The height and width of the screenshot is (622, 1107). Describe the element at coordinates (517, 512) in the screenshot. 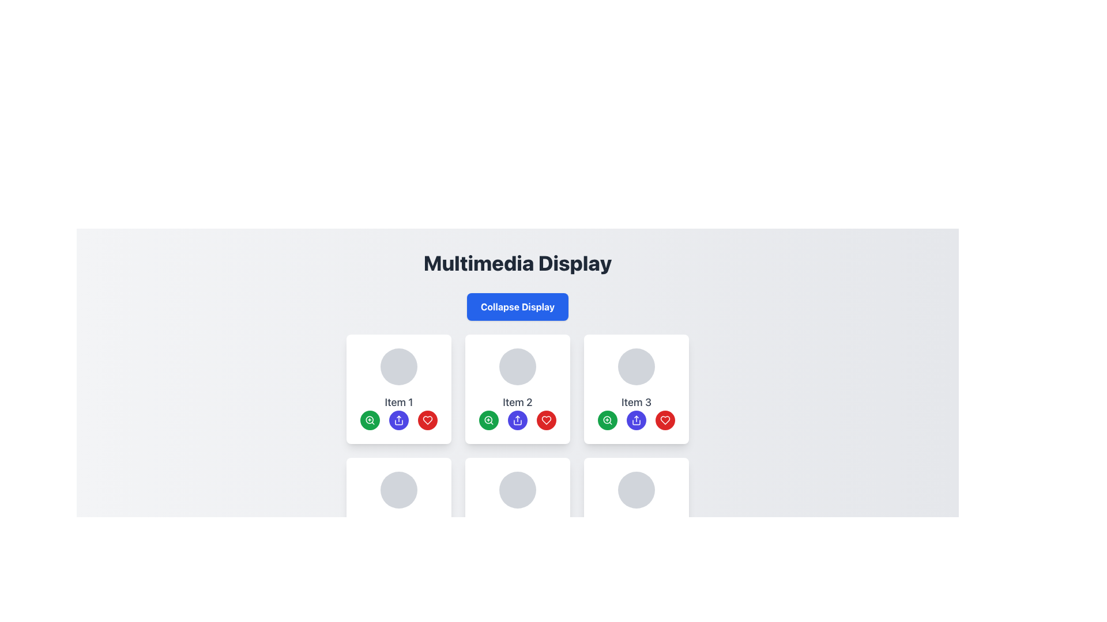

I see `the card located in the second row and middle column of the grid layout` at that location.